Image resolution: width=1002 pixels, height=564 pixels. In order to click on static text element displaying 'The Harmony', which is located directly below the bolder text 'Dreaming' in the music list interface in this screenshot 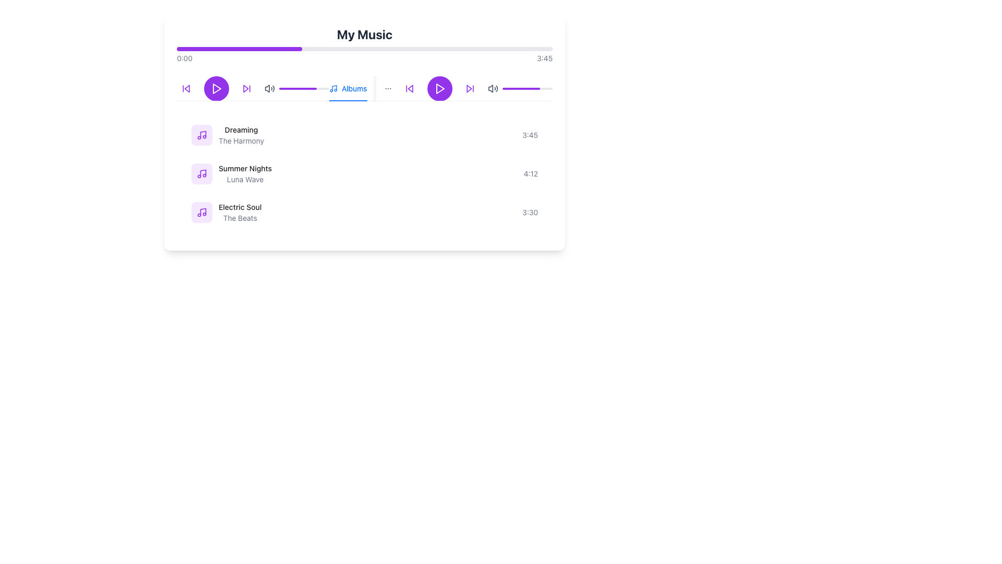, I will do `click(241, 141)`.